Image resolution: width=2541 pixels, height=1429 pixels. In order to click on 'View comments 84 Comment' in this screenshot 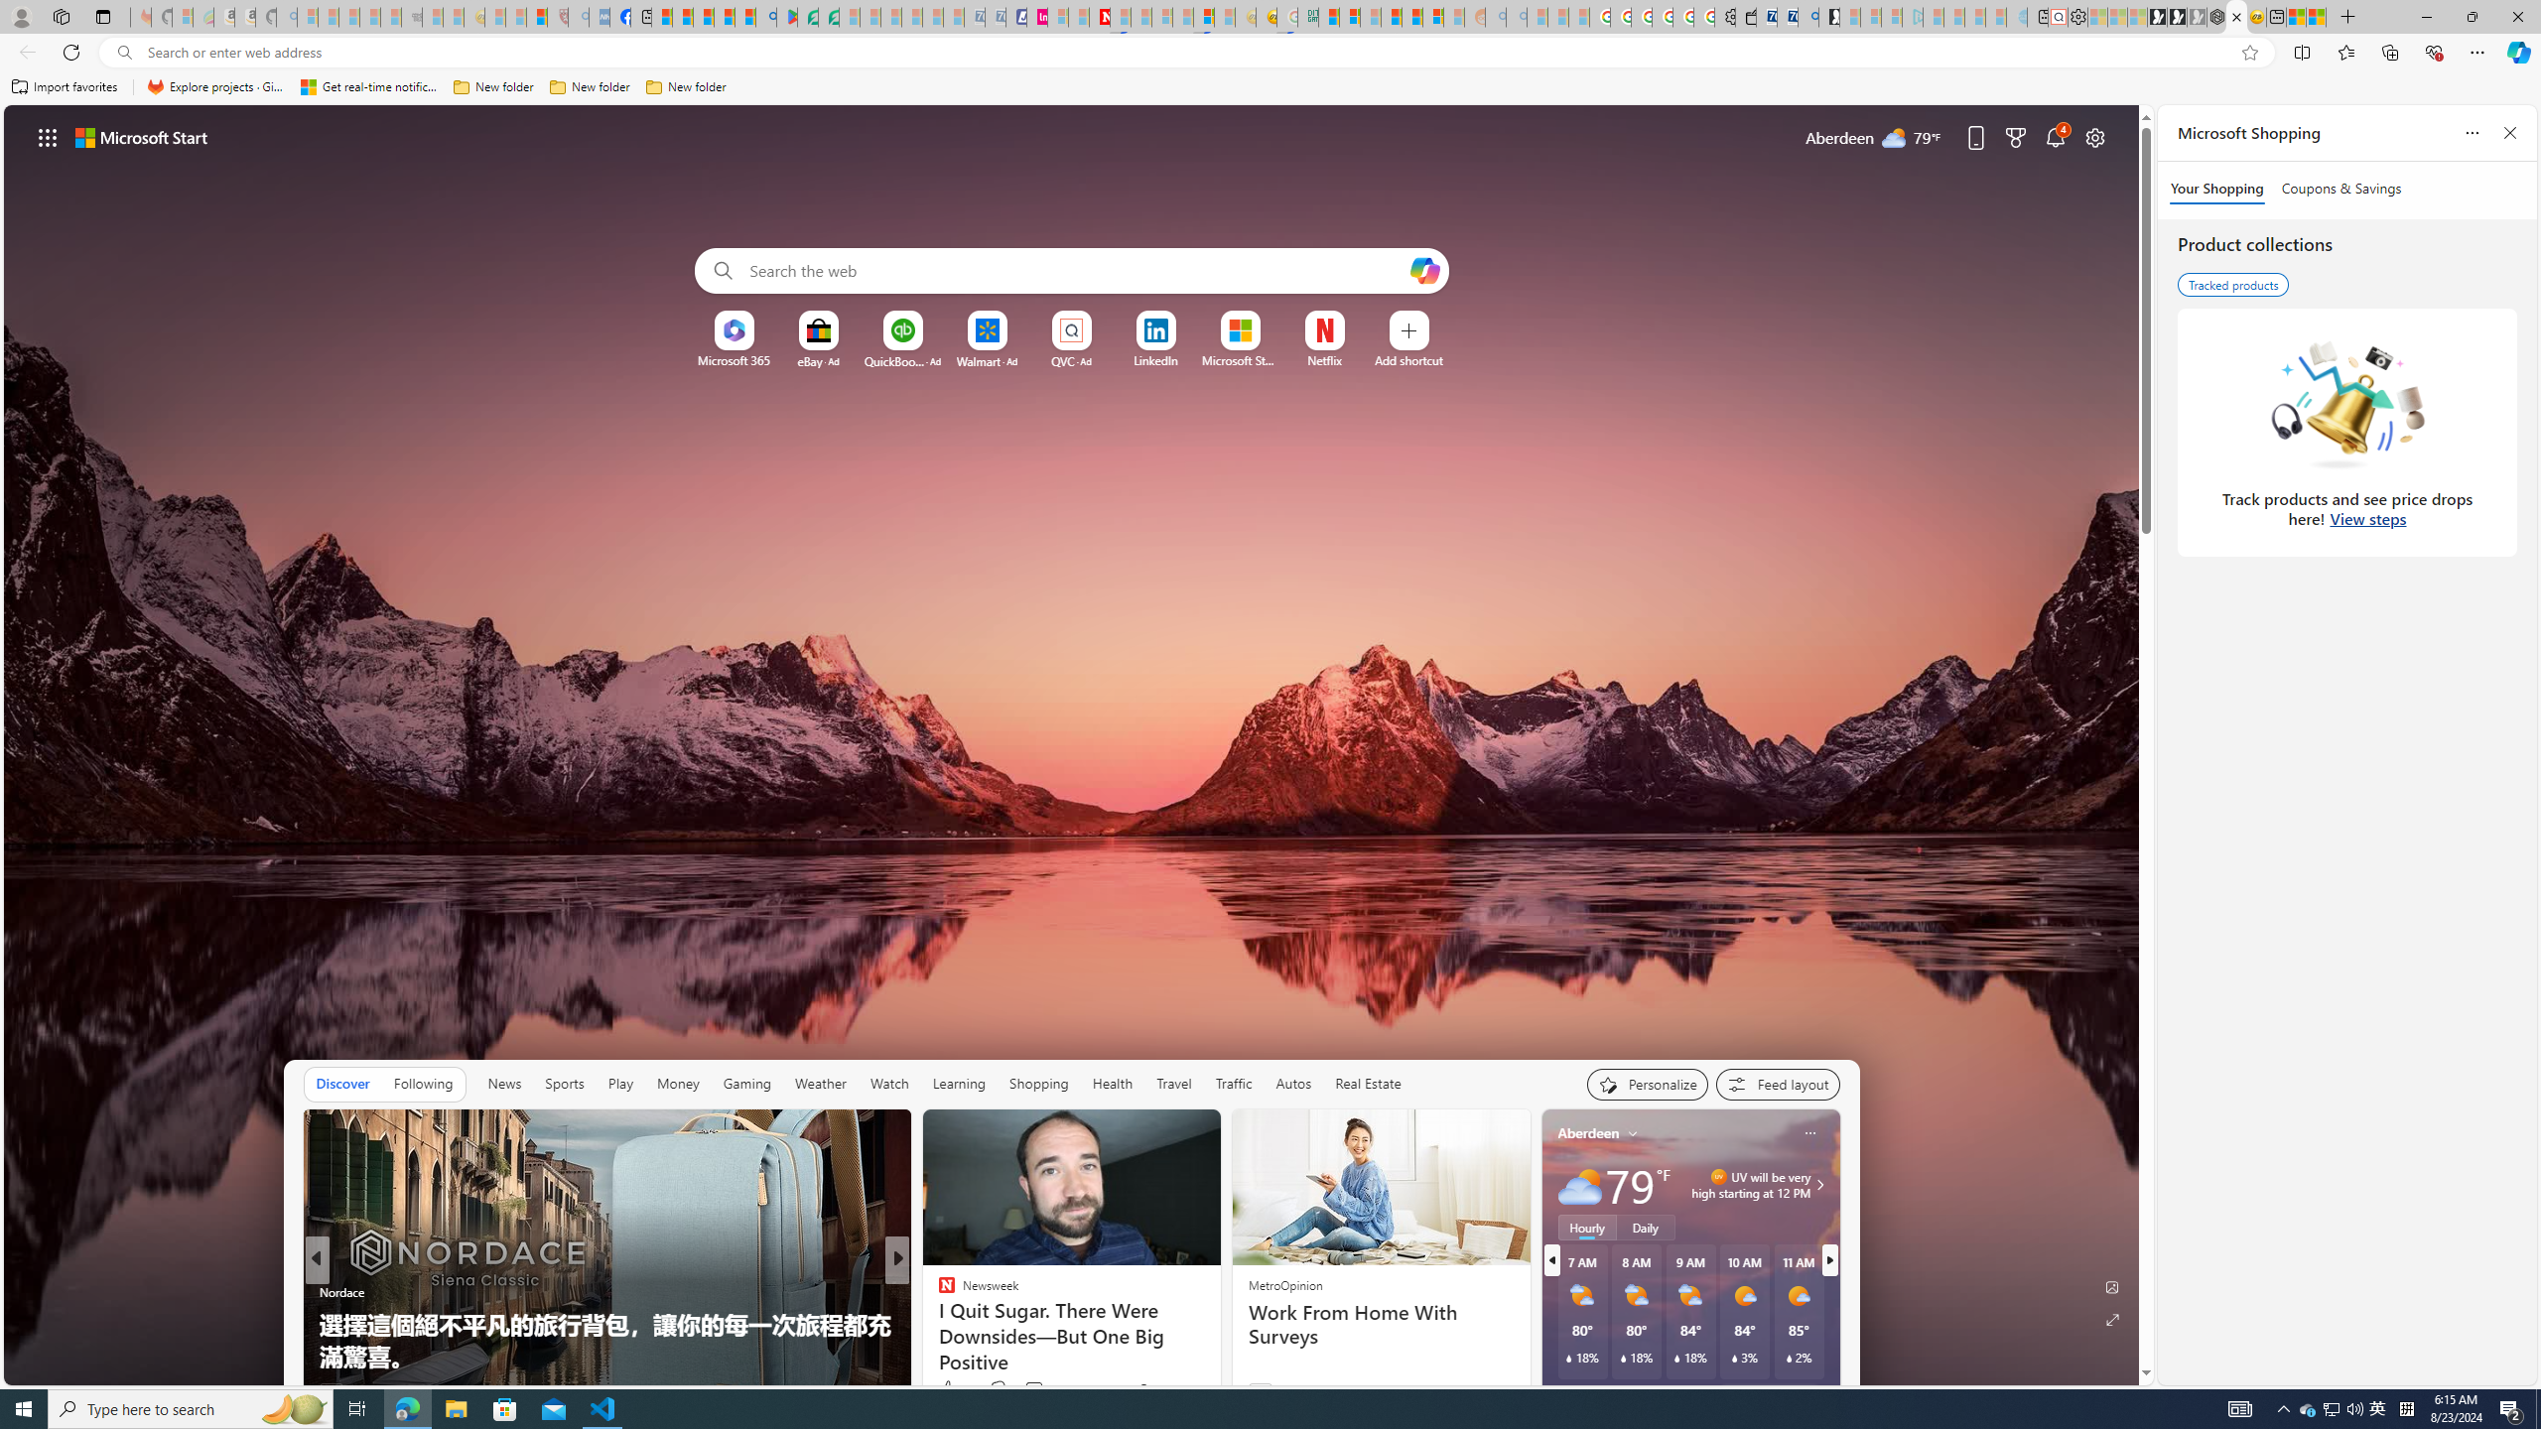, I will do `click(1032, 1390)`.